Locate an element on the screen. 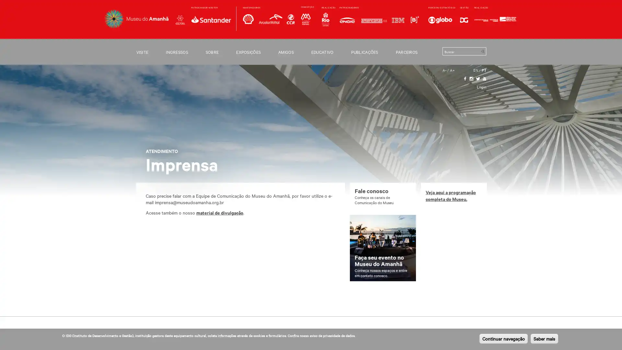 Image resolution: width=622 pixels, height=350 pixels. Continuar navegacao is located at coordinates (503, 338).